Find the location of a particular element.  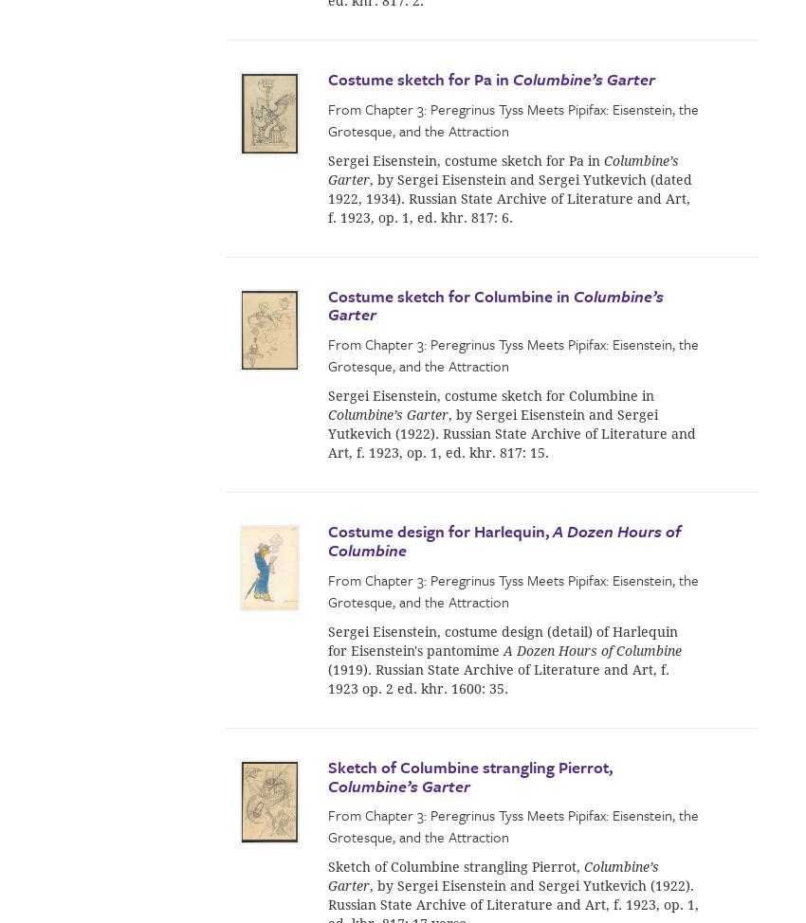

'(1919). Russian State Archive of Literature and Art, f. 1923 op. 2 ed. khr. 1600: 35.' is located at coordinates (497, 678).